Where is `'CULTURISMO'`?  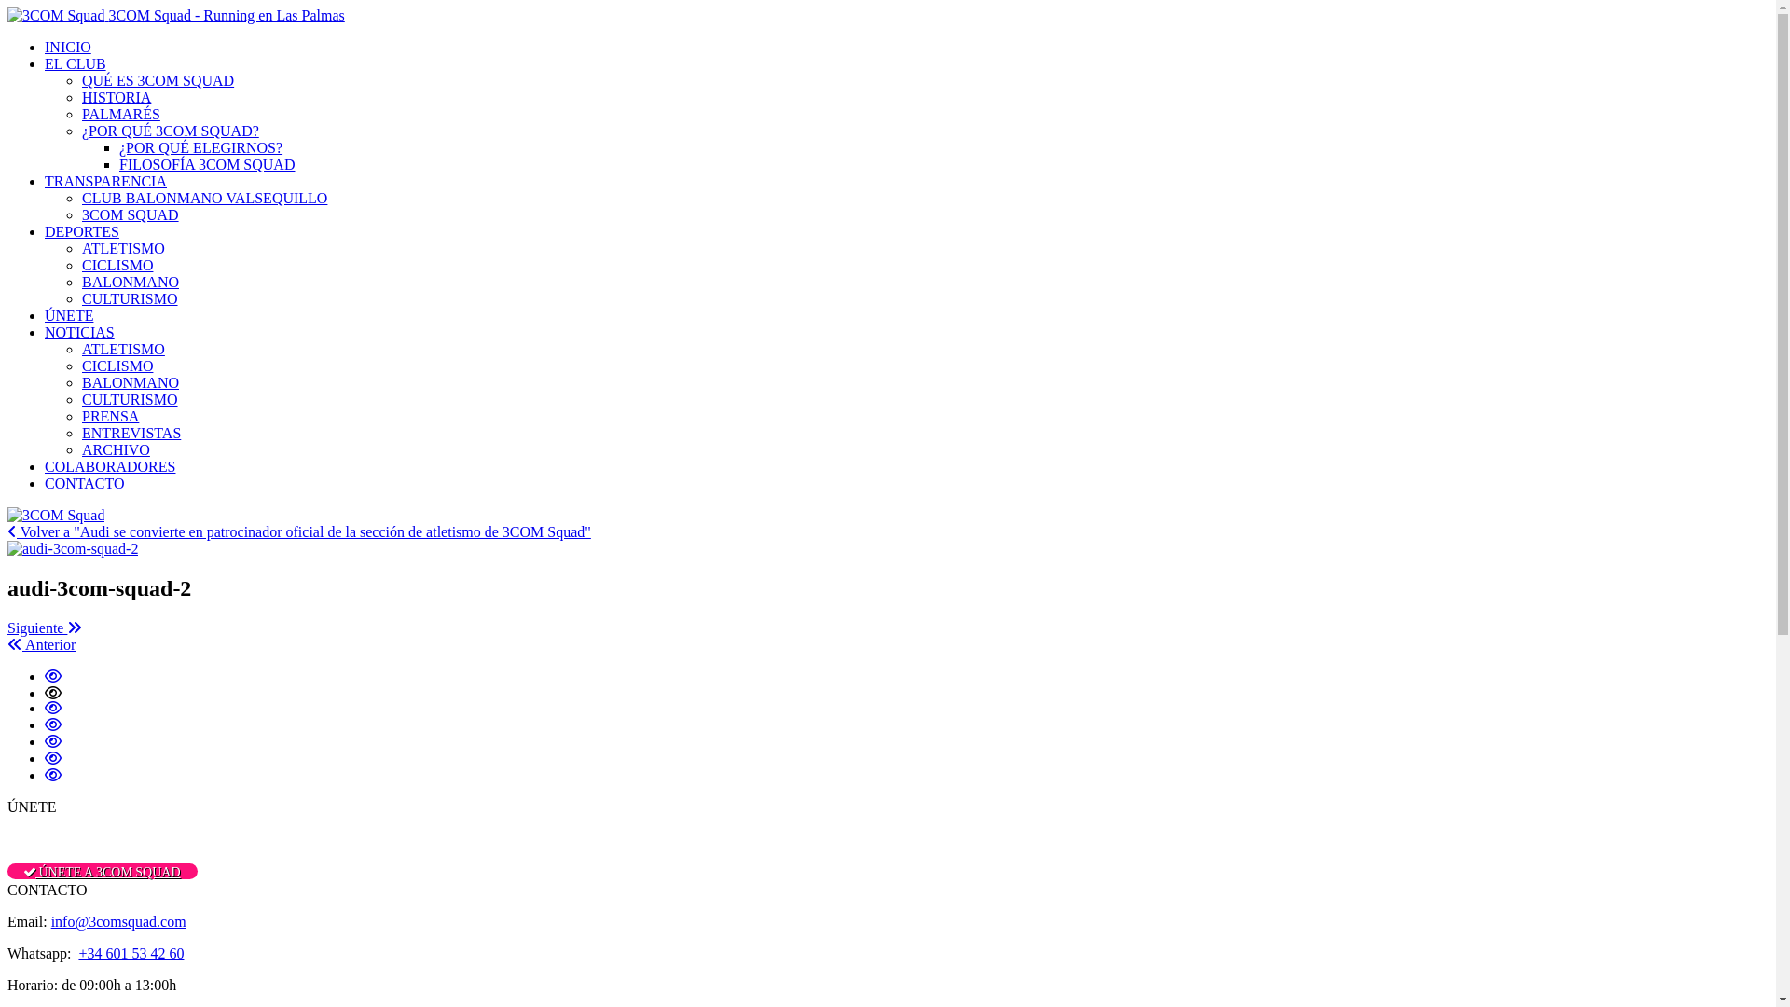 'CULTURISMO' is located at coordinates (80, 297).